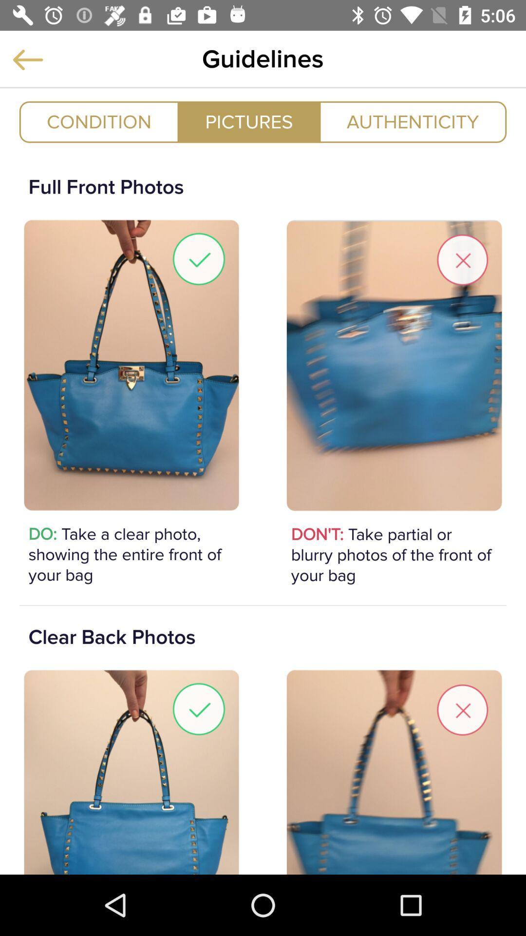 The width and height of the screenshot is (526, 936). What do you see at coordinates (27, 59) in the screenshot?
I see `go back` at bounding box center [27, 59].